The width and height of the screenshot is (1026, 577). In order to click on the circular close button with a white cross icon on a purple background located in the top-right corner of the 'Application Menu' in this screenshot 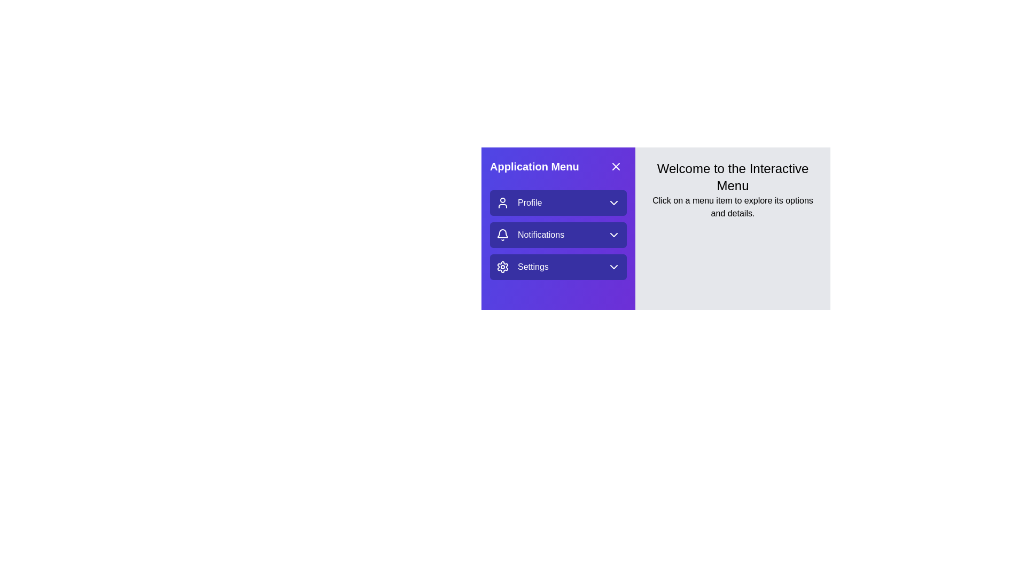, I will do `click(616, 167)`.